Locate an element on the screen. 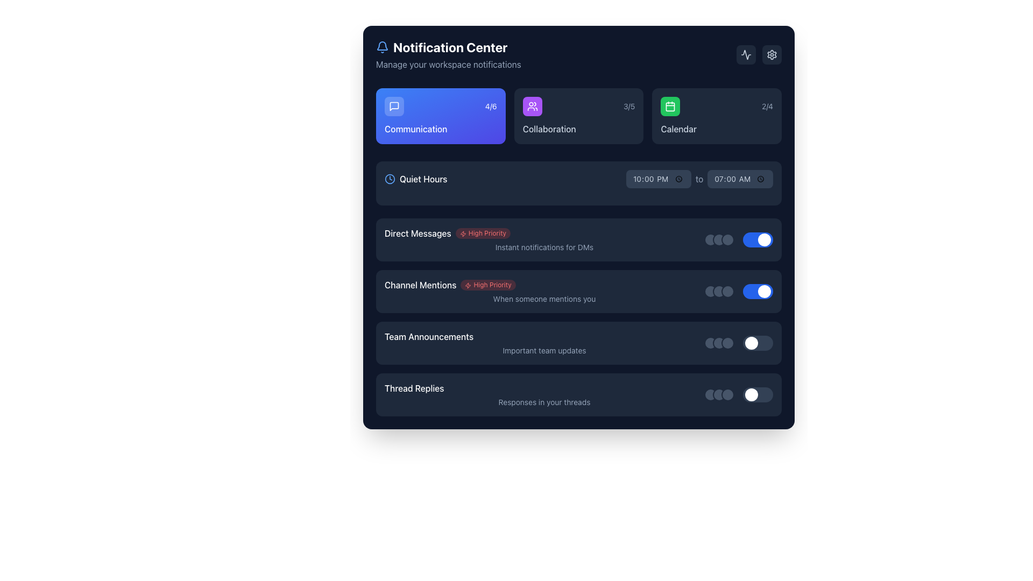 The image size is (1033, 581). the Text display indicating High Priority notification settings for Direct Messages is located at coordinates (544, 239).